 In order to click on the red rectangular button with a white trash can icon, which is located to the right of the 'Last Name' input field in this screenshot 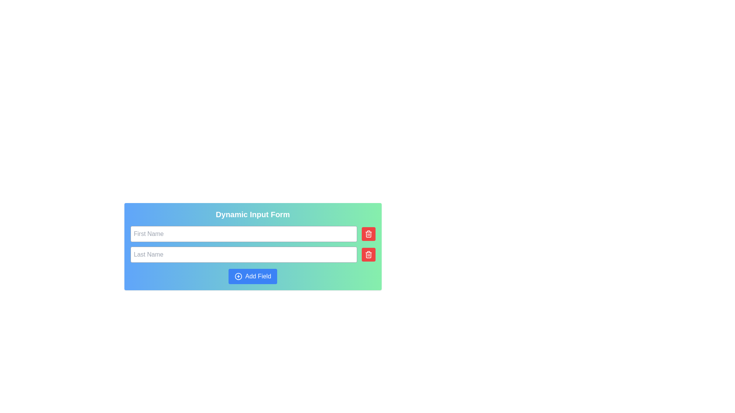, I will do `click(368, 255)`.